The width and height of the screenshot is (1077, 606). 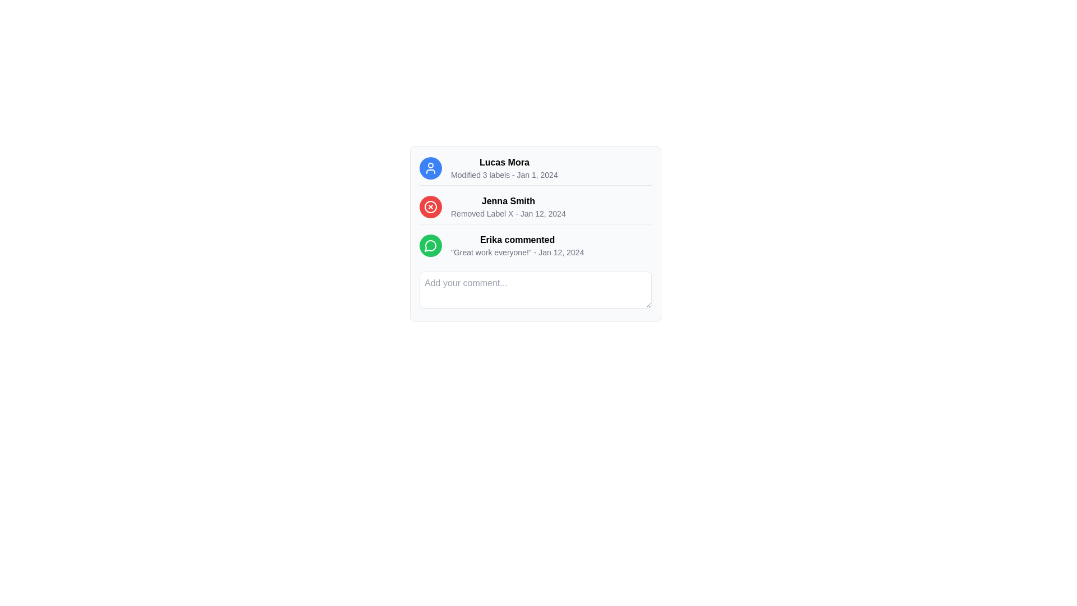 I want to click on the informational text block displaying 'Jenna Smith' and 'Removed Label X - Jan 12, 2024', which is the second entry in a list of notifications, so click(x=535, y=209).